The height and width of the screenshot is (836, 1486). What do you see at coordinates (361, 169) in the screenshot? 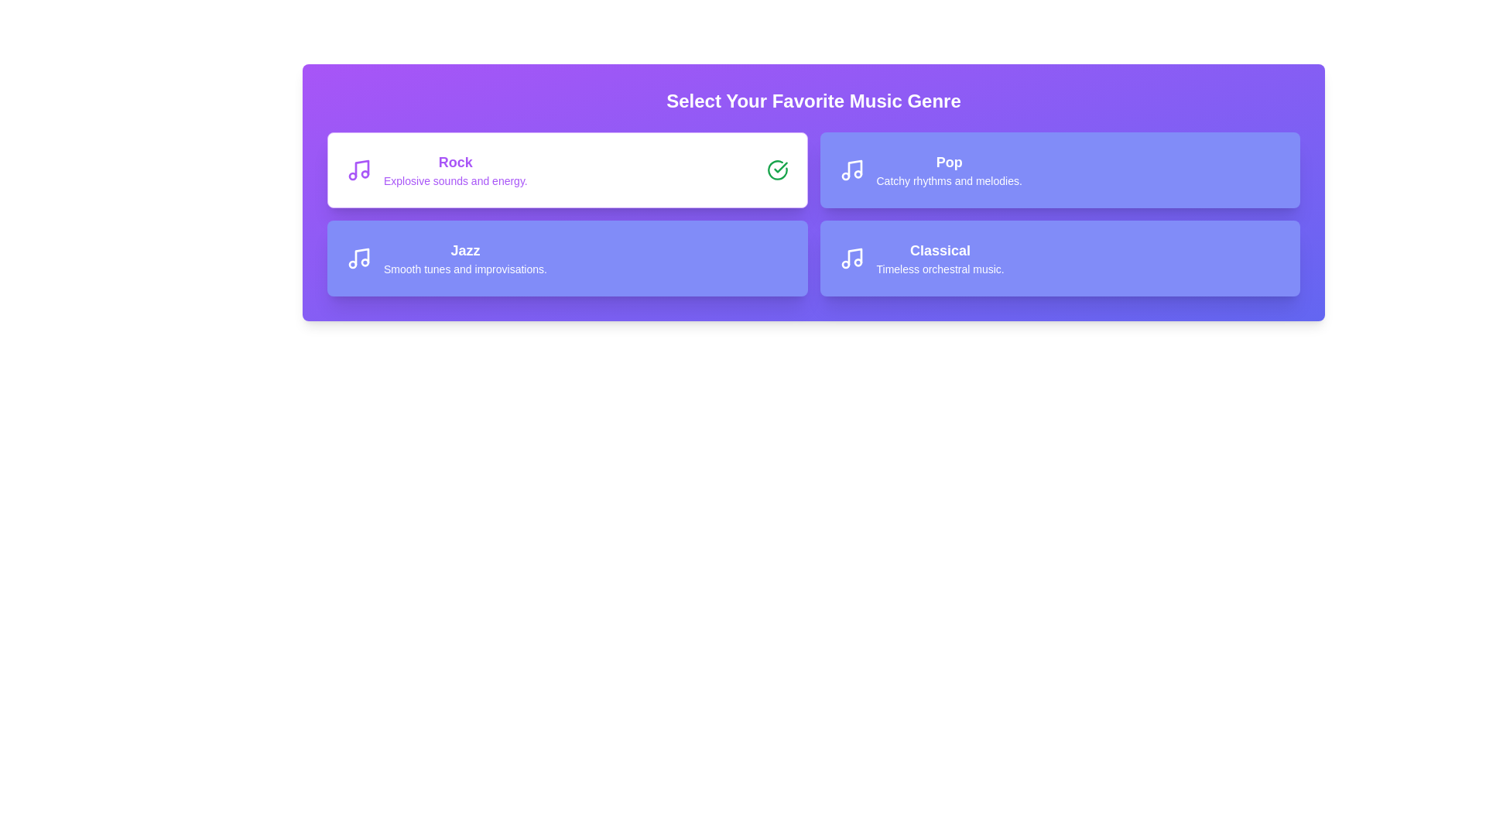
I see `the musical note icon segment, which is part of the illustration resembling a music symbol, located to the left of the 'Rock' text in the top-left card of the selection grid` at bounding box center [361, 169].